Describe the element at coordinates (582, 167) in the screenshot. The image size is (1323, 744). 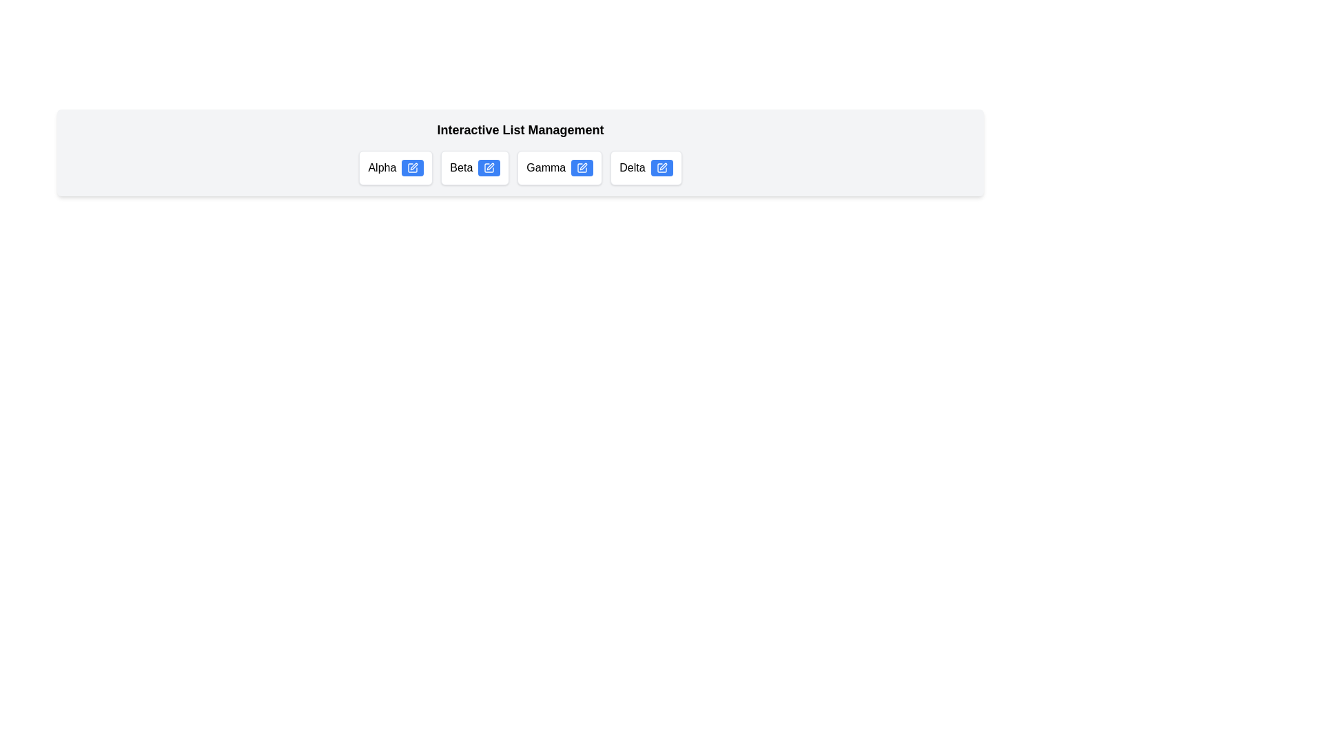
I see `the 'edit' icon located within the third button labeled 'Gamma' in a horizontal list of buttons` at that location.